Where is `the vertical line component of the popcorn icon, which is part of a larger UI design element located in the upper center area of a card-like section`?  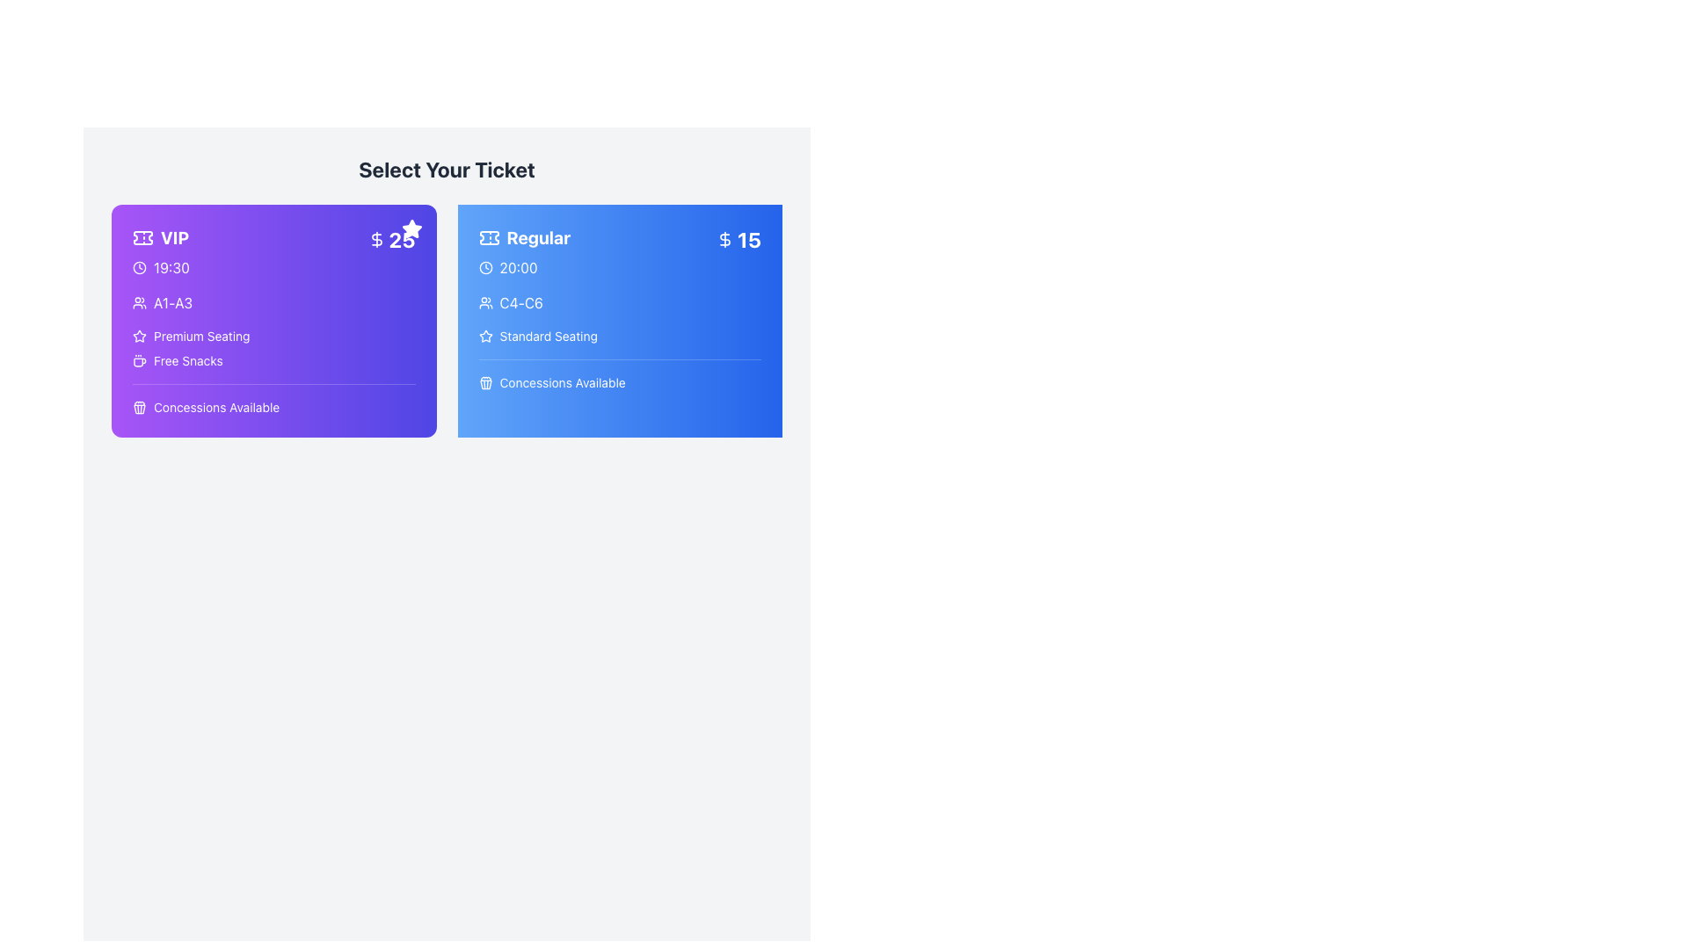 the vertical line component of the popcorn icon, which is part of a larger UI design element located in the upper center area of a card-like section is located at coordinates (137, 409).